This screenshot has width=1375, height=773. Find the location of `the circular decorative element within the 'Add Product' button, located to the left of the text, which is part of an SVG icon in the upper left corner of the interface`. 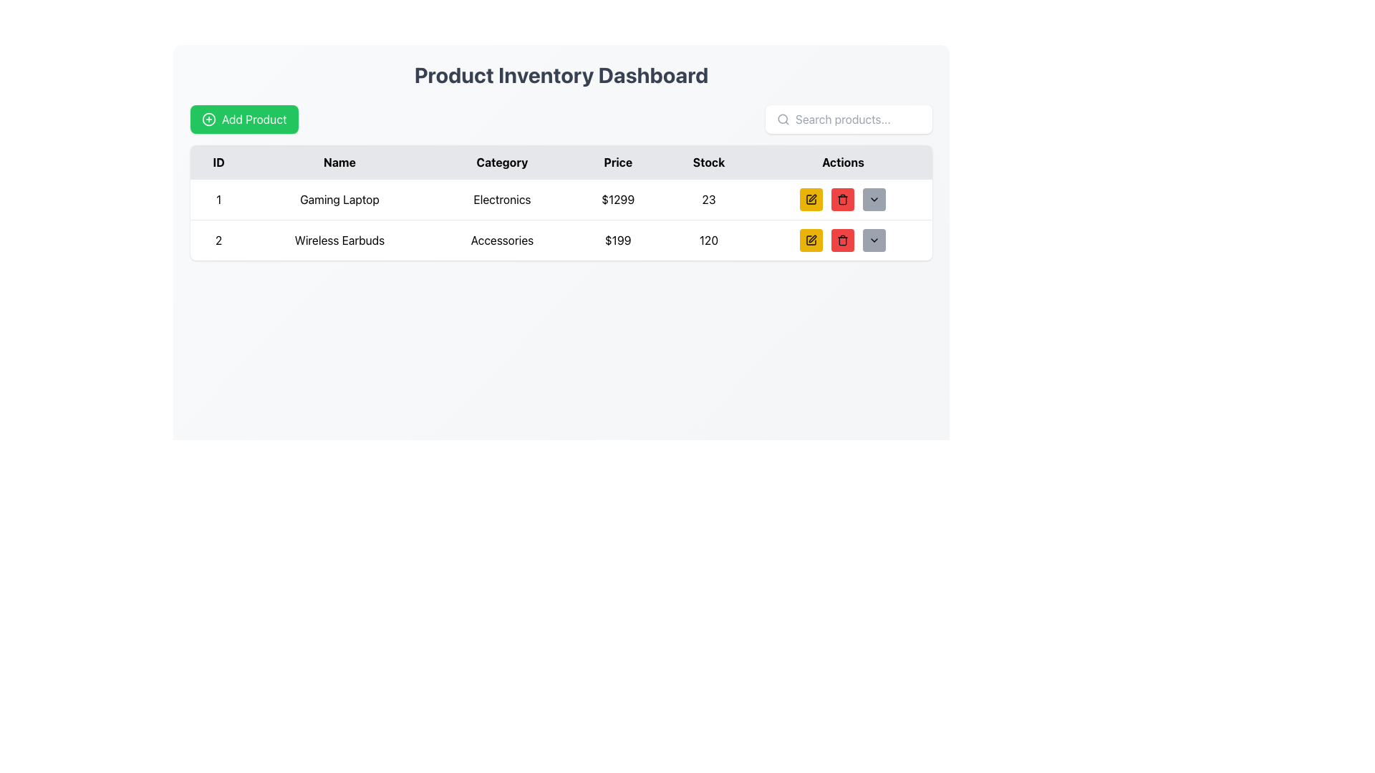

the circular decorative element within the 'Add Product' button, located to the left of the text, which is part of an SVG icon in the upper left corner of the interface is located at coordinates (208, 118).